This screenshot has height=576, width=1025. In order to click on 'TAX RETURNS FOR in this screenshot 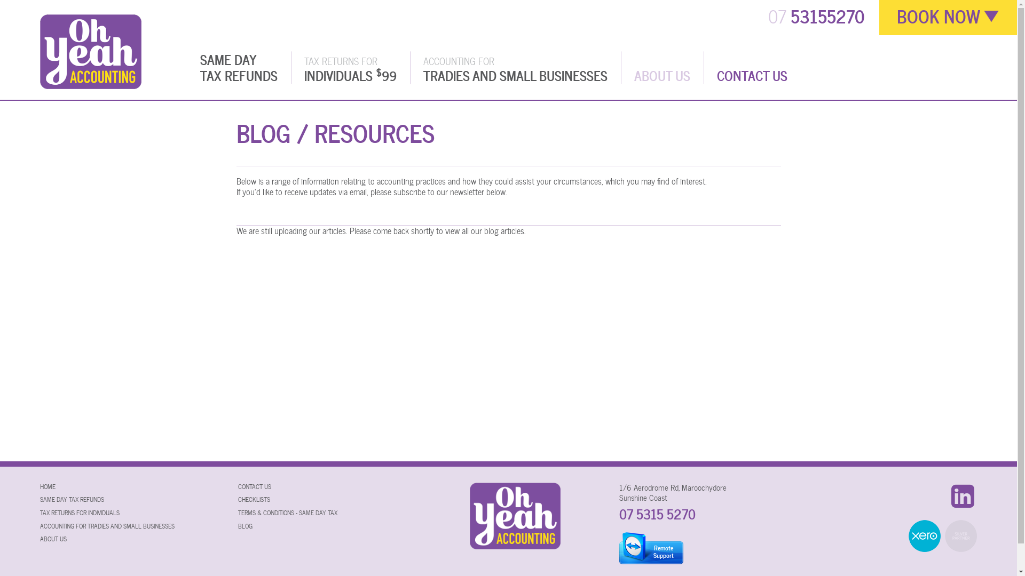, I will do `click(290, 67)`.